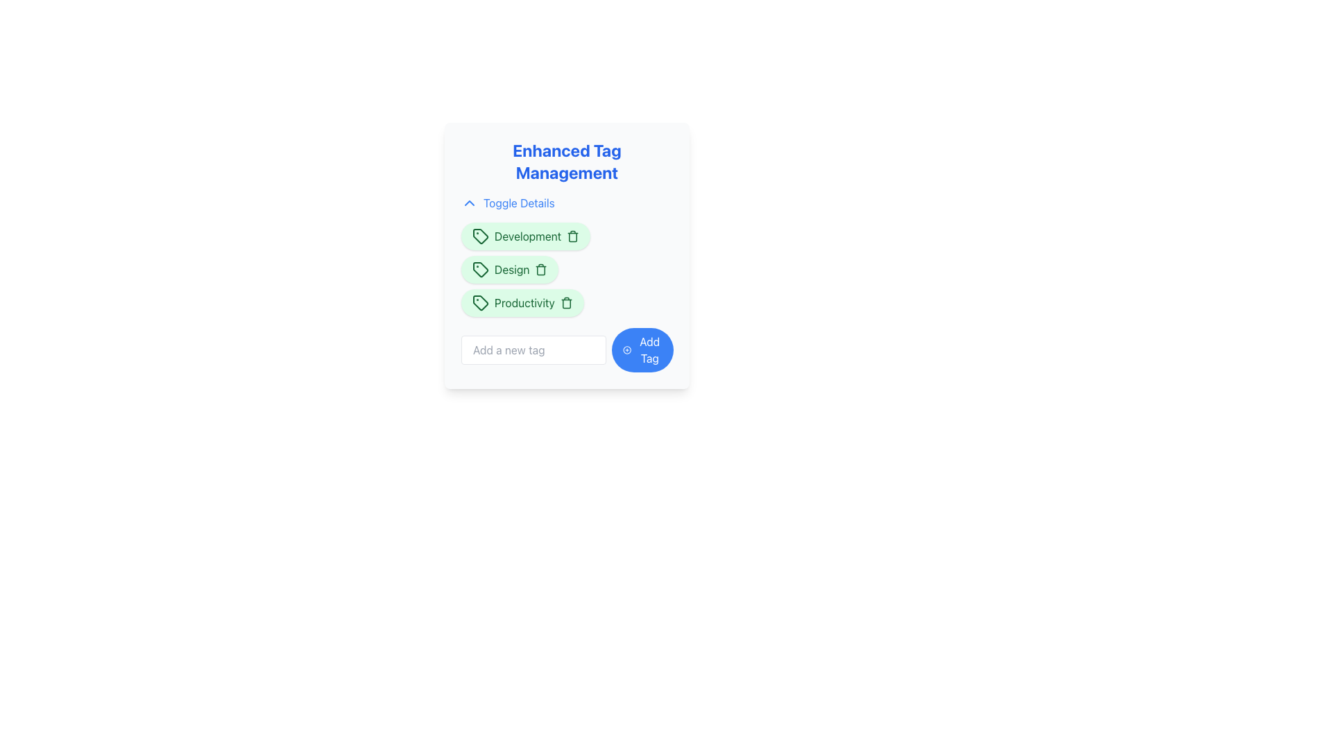 The image size is (1332, 749). What do you see at coordinates (480, 270) in the screenshot?
I see `the second tag icon representing the 'Design' tag in the 'Enhanced Tag Management' section to interact with it` at bounding box center [480, 270].